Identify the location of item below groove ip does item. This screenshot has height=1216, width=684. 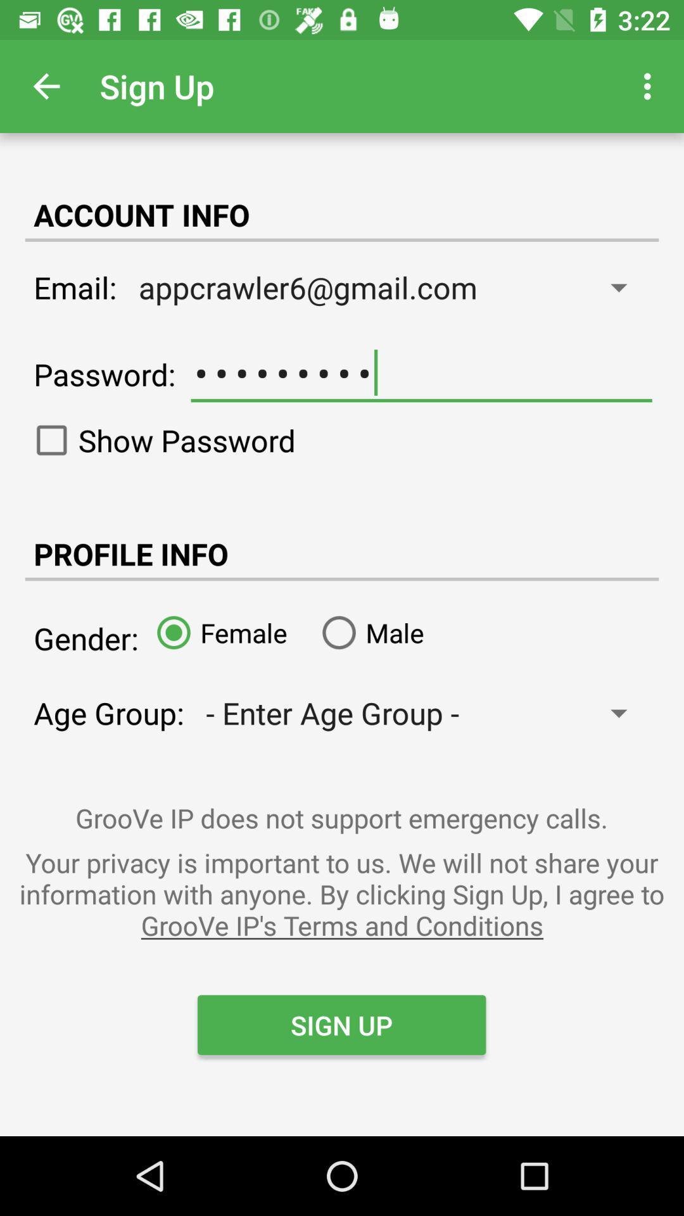
(342, 893).